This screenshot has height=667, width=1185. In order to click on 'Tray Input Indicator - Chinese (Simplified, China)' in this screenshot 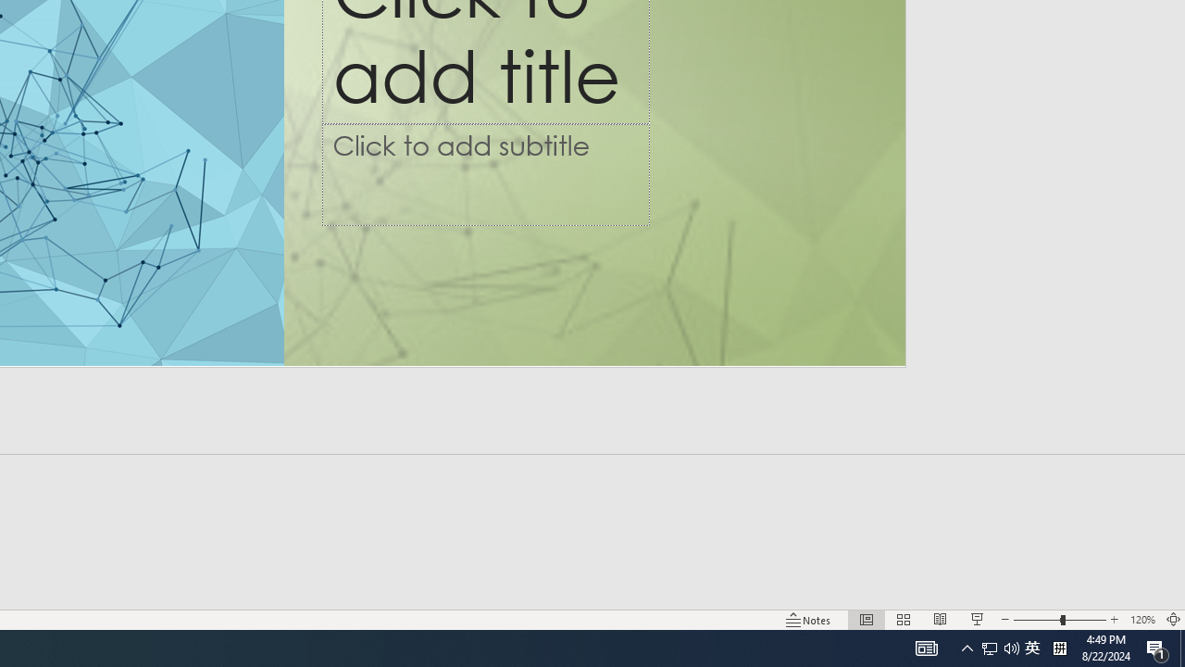, I will do `click(1059, 647)`.